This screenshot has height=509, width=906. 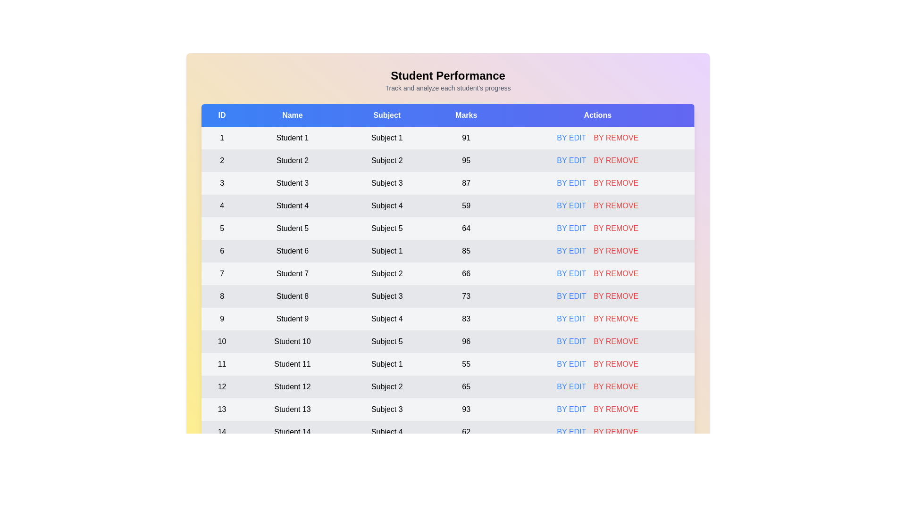 I want to click on the table header to sort by Name, so click(x=292, y=115).